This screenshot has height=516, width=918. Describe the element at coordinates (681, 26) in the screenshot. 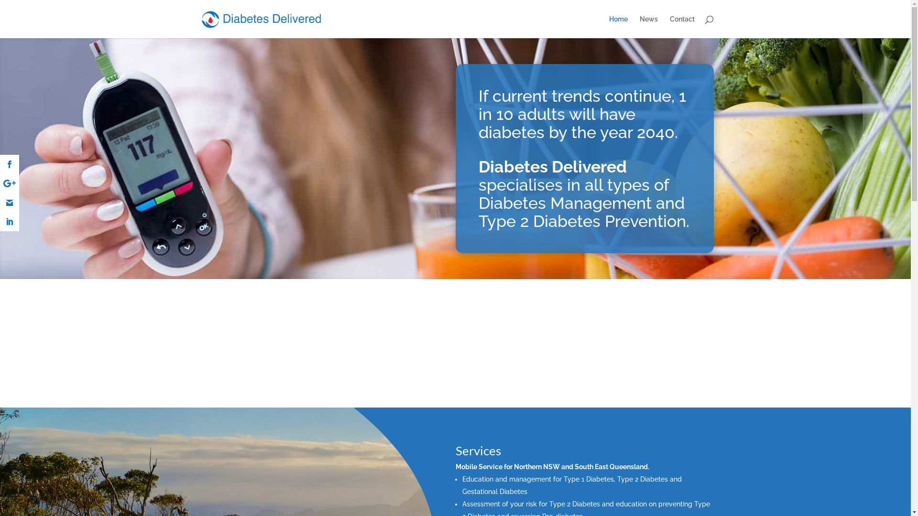

I see `'Contact'` at that location.